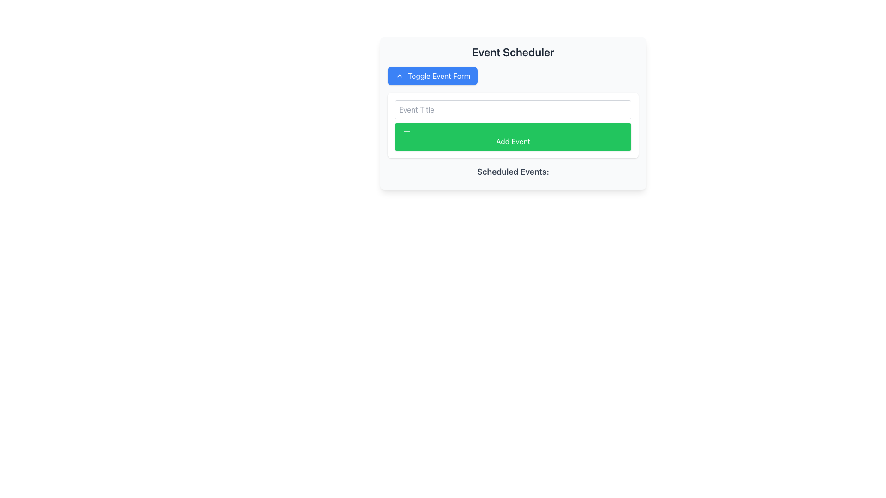  What do you see at coordinates (399, 76) in the screenshot?
I see `the chevron-up icon, which is part of the 'Toggle Event Form' button located in the upper-left area of the Event Scheduler panel` at bounding box center [399, 76].